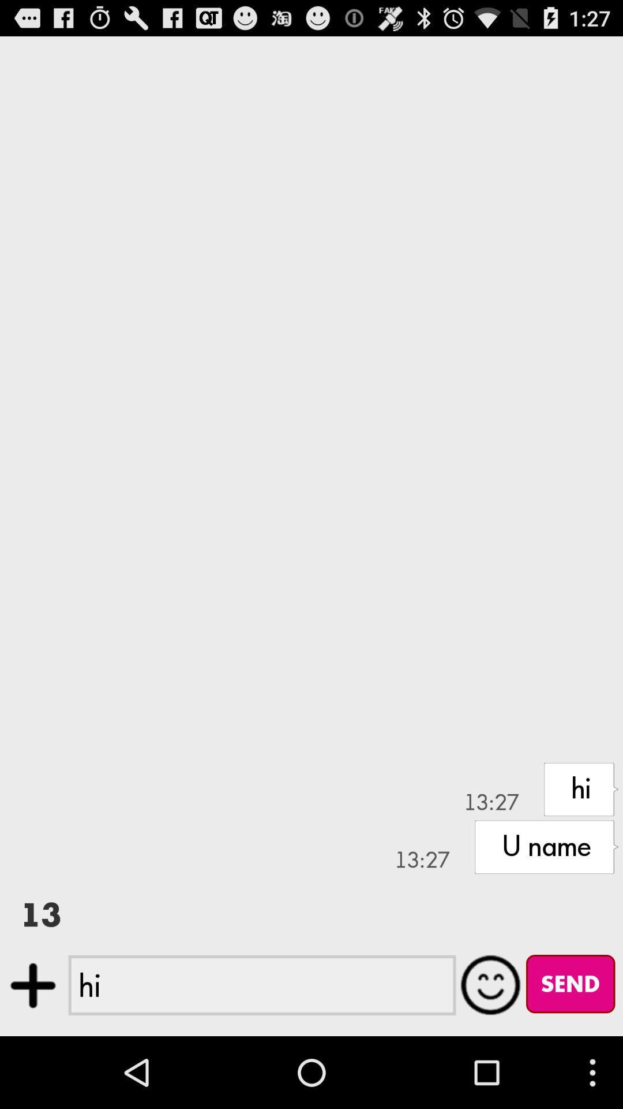  I want to click on adding smiley option, so click(491, 984).